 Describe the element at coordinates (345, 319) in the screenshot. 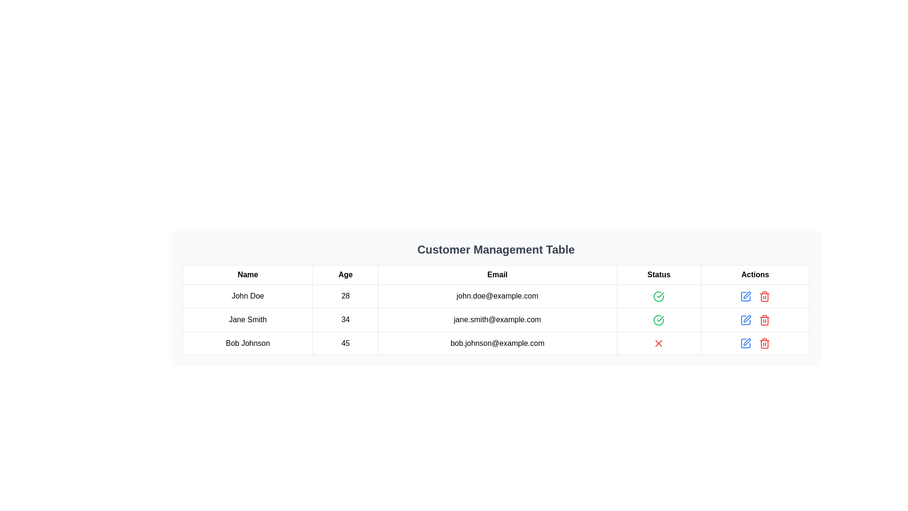

I see `the text cell displaying the number '34' in the second column of the second row of the table, located between 'Jane Smith' and 'jane.smith@example.com'` at that location.